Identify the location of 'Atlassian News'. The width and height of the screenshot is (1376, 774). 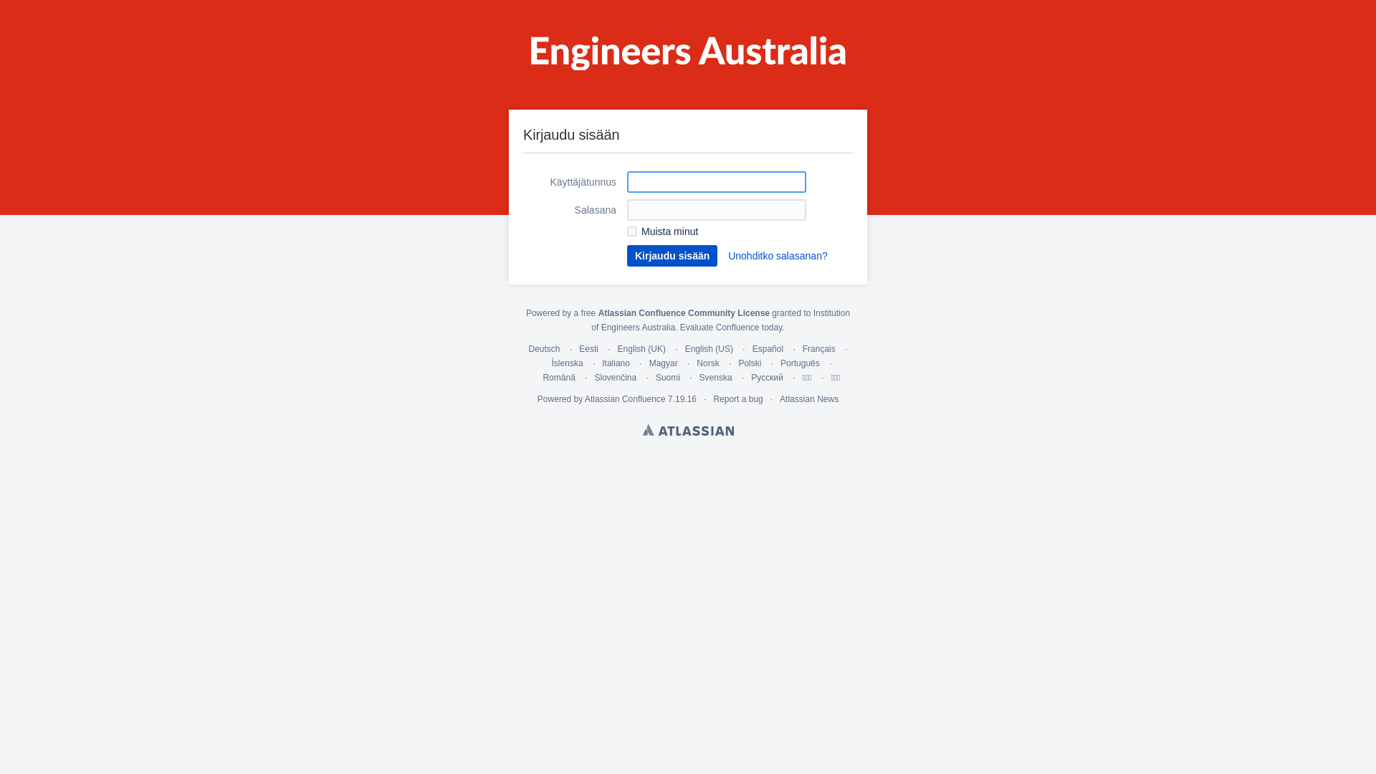
(808, 398).